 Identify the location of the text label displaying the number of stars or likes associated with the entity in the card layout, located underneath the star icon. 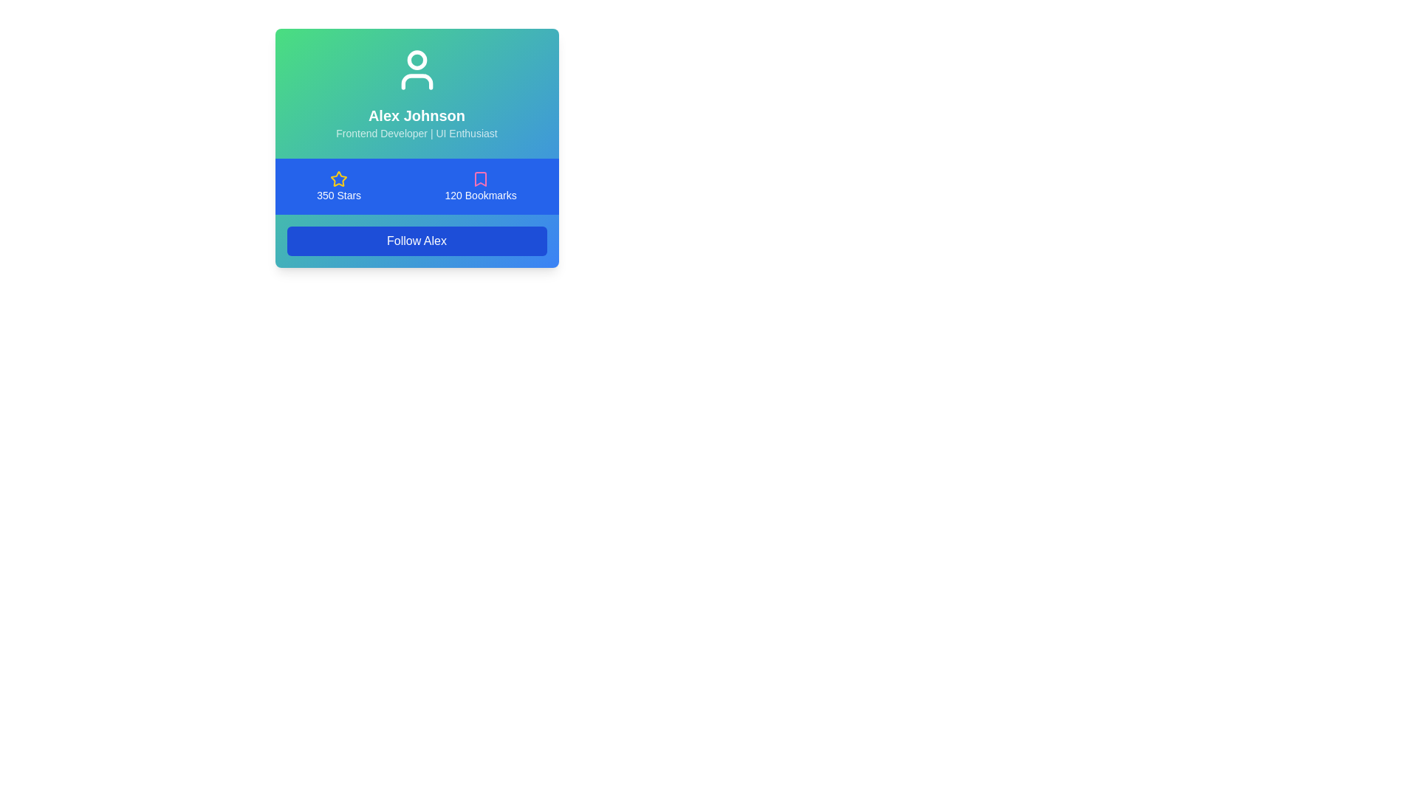
(338, 195).